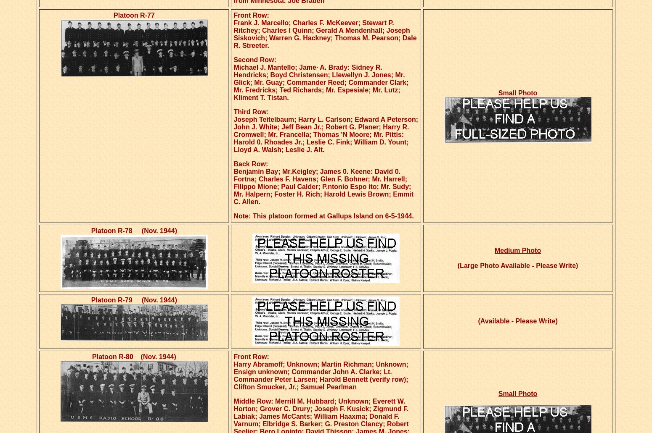 The image size is (652, 433). Describe the element at coordinates (133, 230) in the screenshot. I see `'Platoon R-78     
                
                (Nov. 1944)'` at that location.